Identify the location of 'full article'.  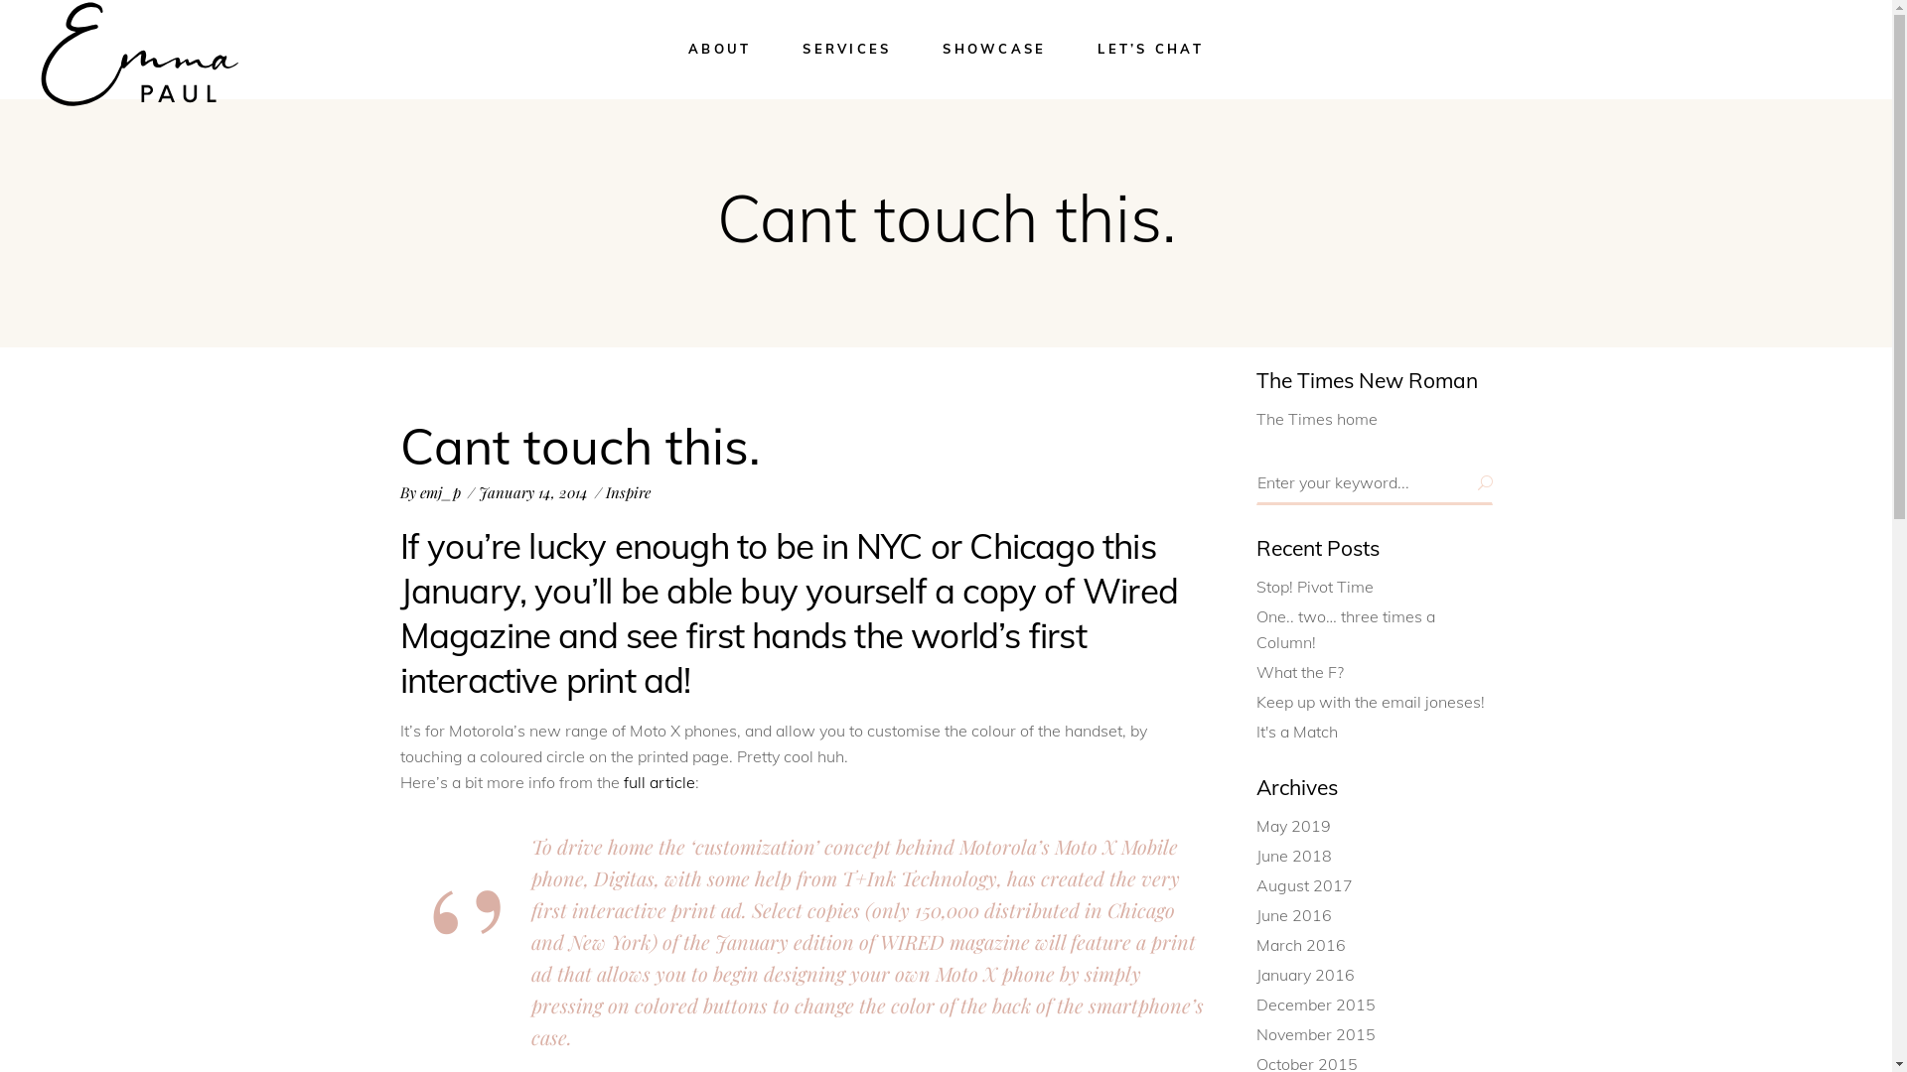
(659, 780).